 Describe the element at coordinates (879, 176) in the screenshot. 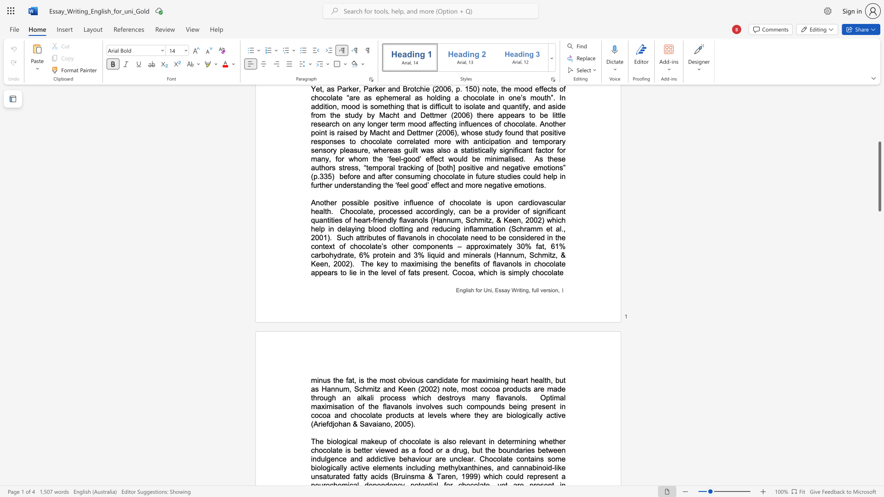

I see `the scrollbar and move up 440 pixels` at that location.